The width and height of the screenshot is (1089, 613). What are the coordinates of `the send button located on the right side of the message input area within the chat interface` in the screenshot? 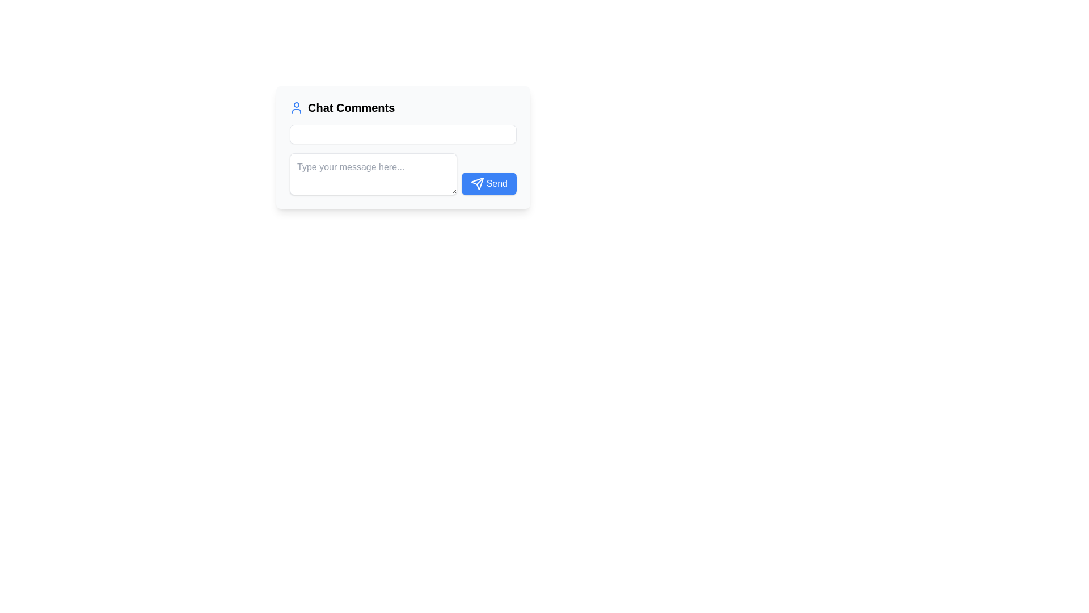 It's located at (489, 183).